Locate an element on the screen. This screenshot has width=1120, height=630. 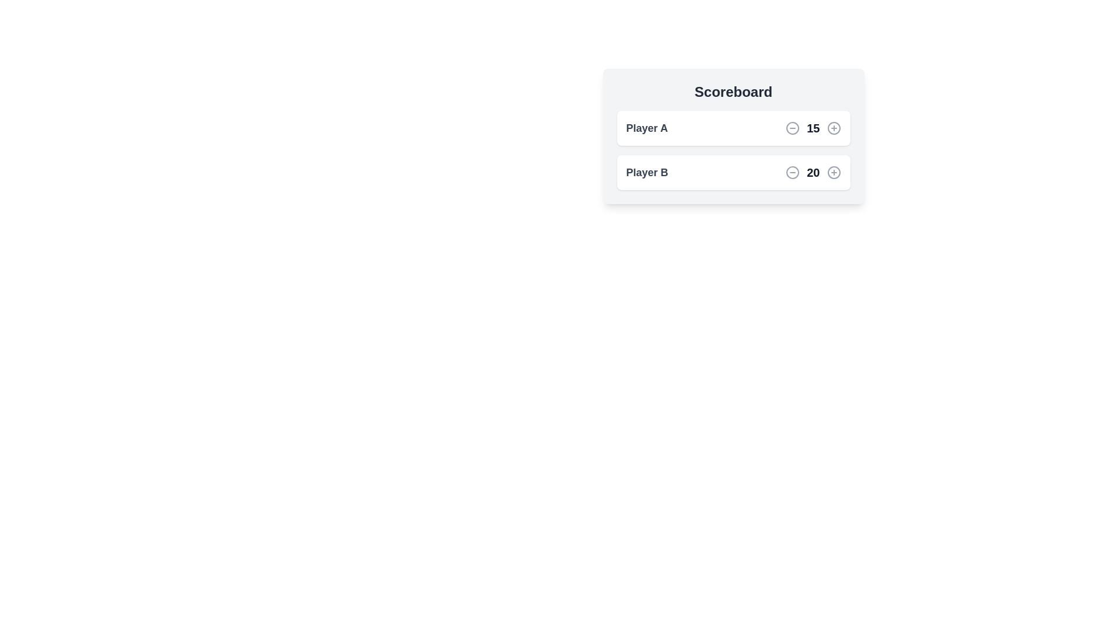
the circular minus button with a gray border located under the 'Scoreboard' header next to 'Player A' to decrement the score is located at coordinates (793, 128).